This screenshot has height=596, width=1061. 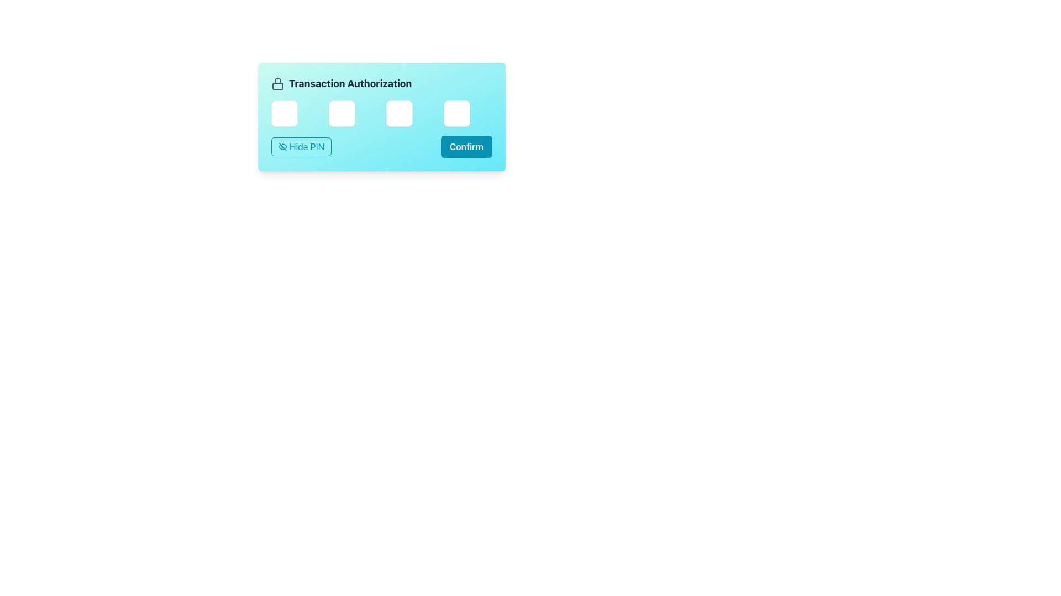 I want to click on the SVG icon within the 'Hide PIN' button, which visually indicates the action to hide the entered PIN in the 'Transaction Authorization' modal, so click(x=283, y=146).